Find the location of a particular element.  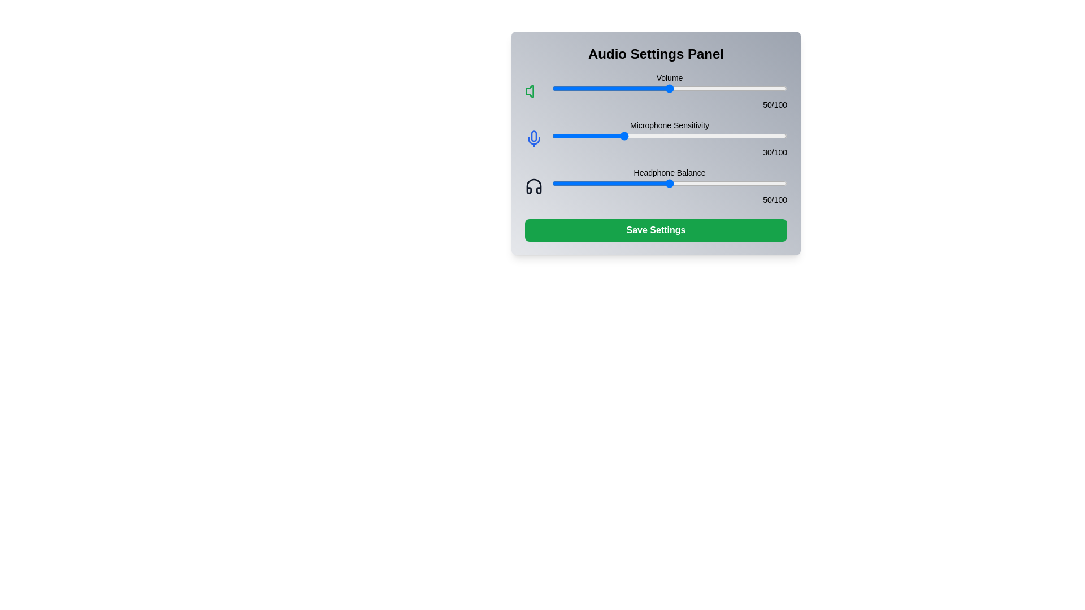

microphone sensitivity is located at coordinates (685, 135).